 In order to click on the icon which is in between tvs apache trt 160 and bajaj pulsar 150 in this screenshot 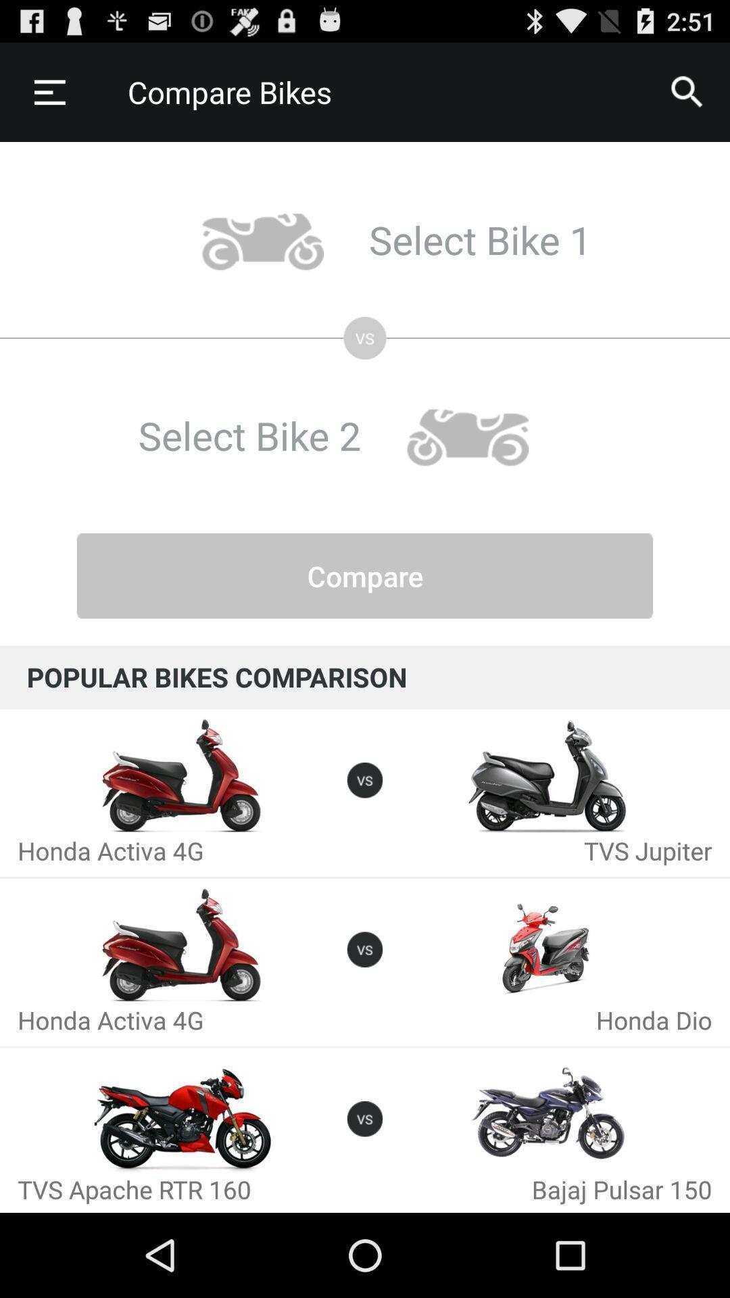, I will do `click(365, 1119)`.